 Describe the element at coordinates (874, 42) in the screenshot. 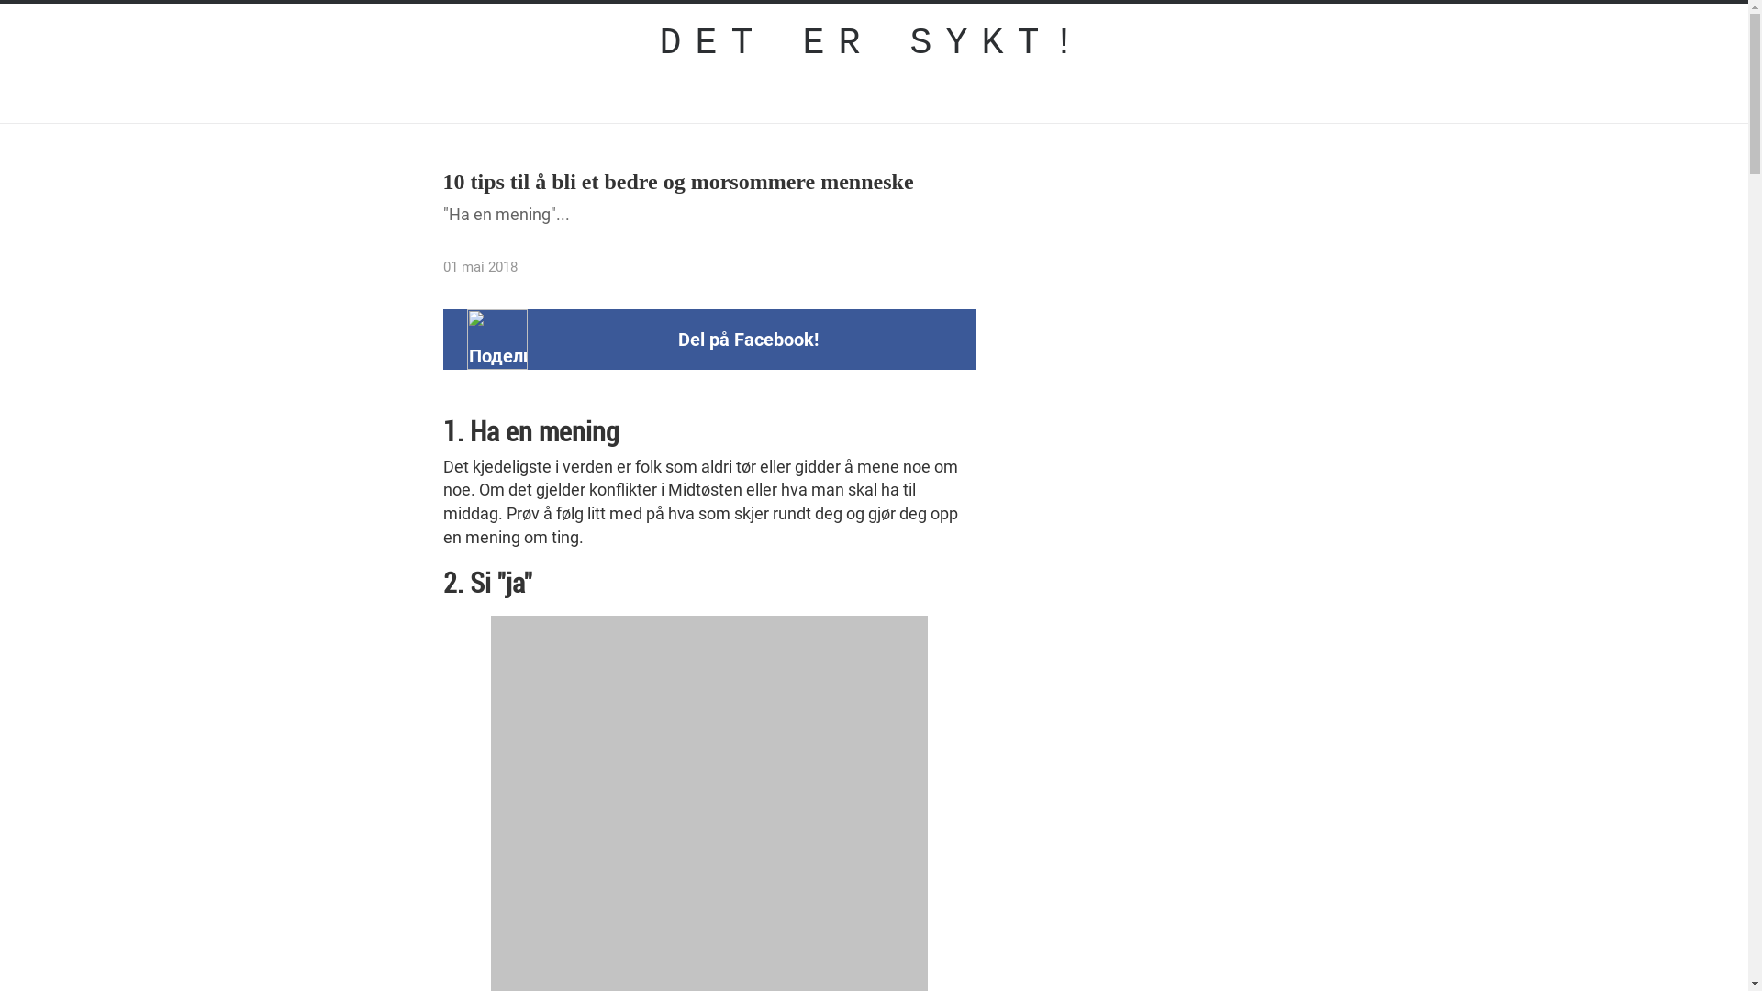

I see `'DET ER SYKT!'` at that location.